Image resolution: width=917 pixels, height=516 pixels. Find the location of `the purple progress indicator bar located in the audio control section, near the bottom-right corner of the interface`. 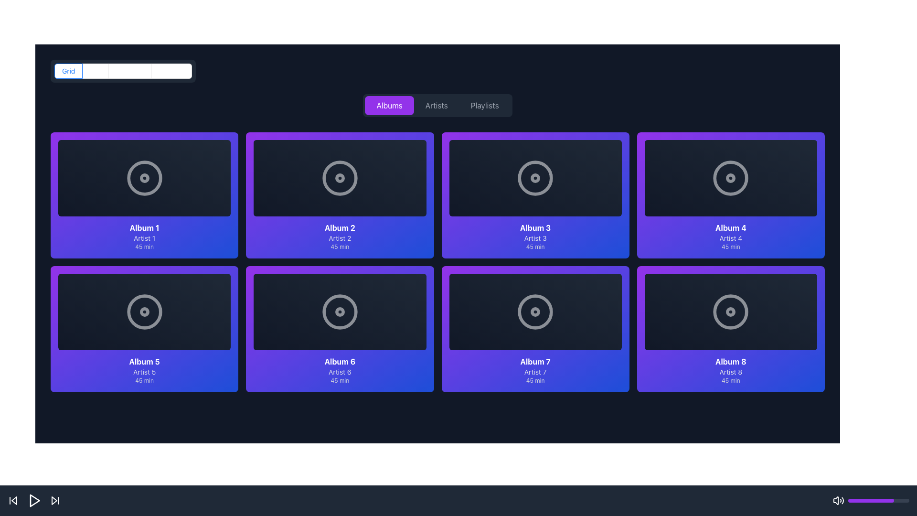

the purple progress indicator bar located in the audio control section, near the bottom-right corner of the interface is located at coordinates (871, 500).